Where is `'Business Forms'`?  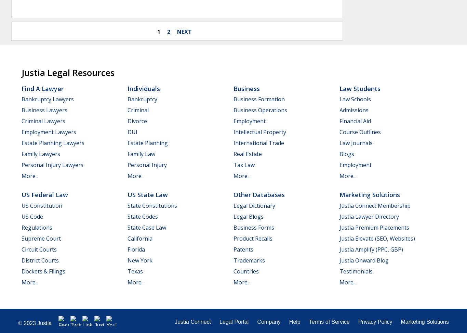 'Business Forms' is located at coordinates (254, 227).